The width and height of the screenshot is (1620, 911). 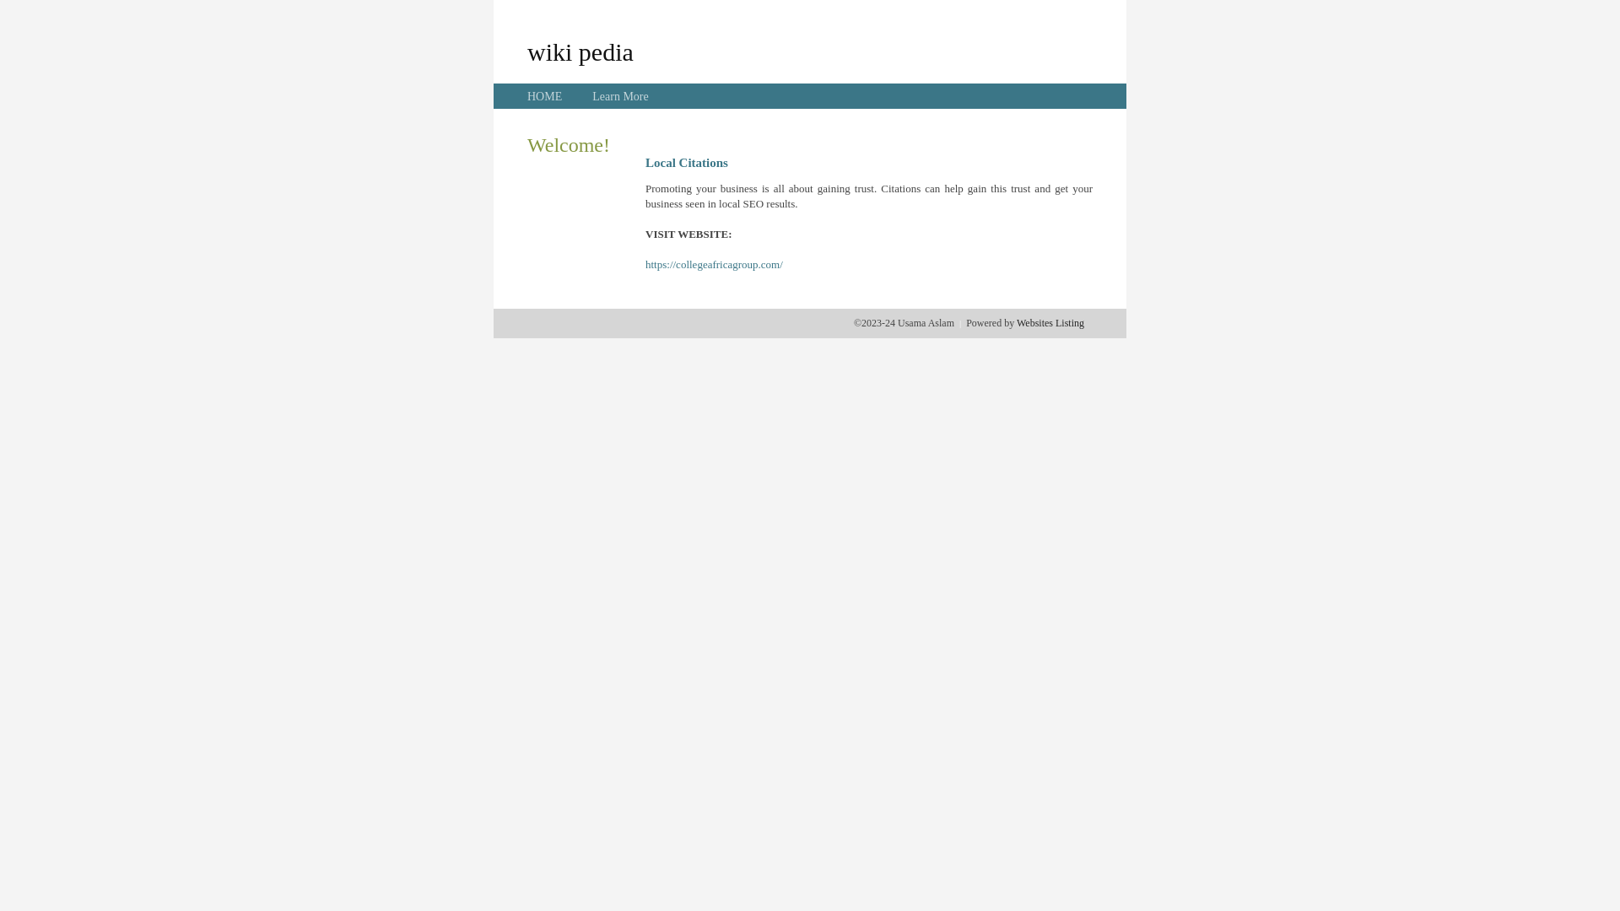 I want to click on 'wiki pedia', so click(x=580, y=51).